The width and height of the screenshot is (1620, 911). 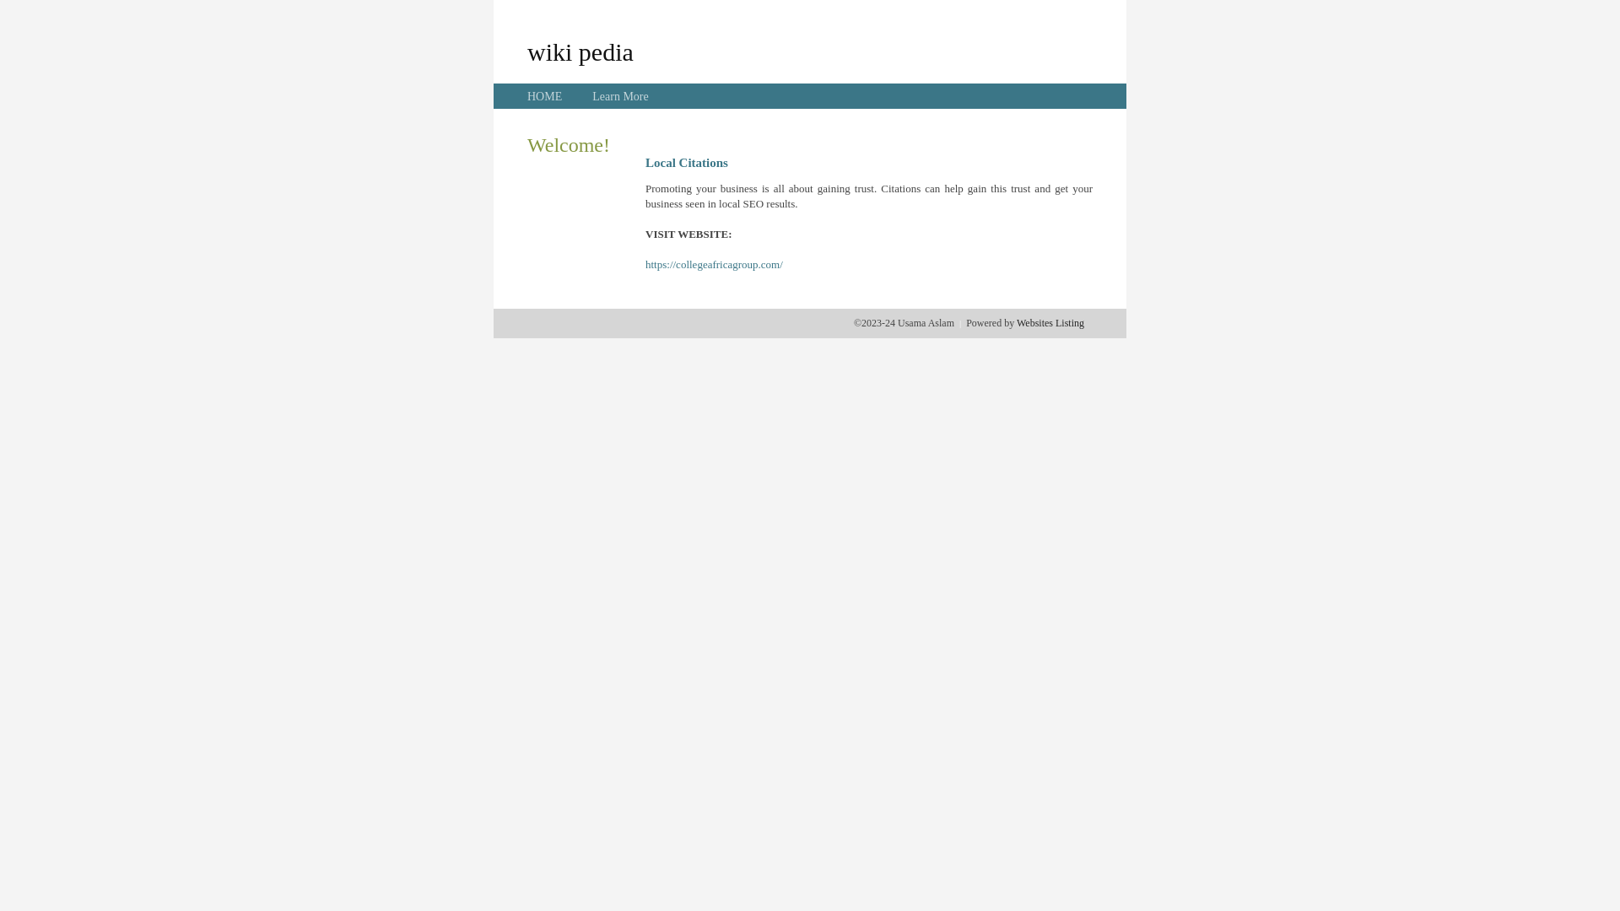 I want to click on 'wiki pedia', so click(x=580, y=51).